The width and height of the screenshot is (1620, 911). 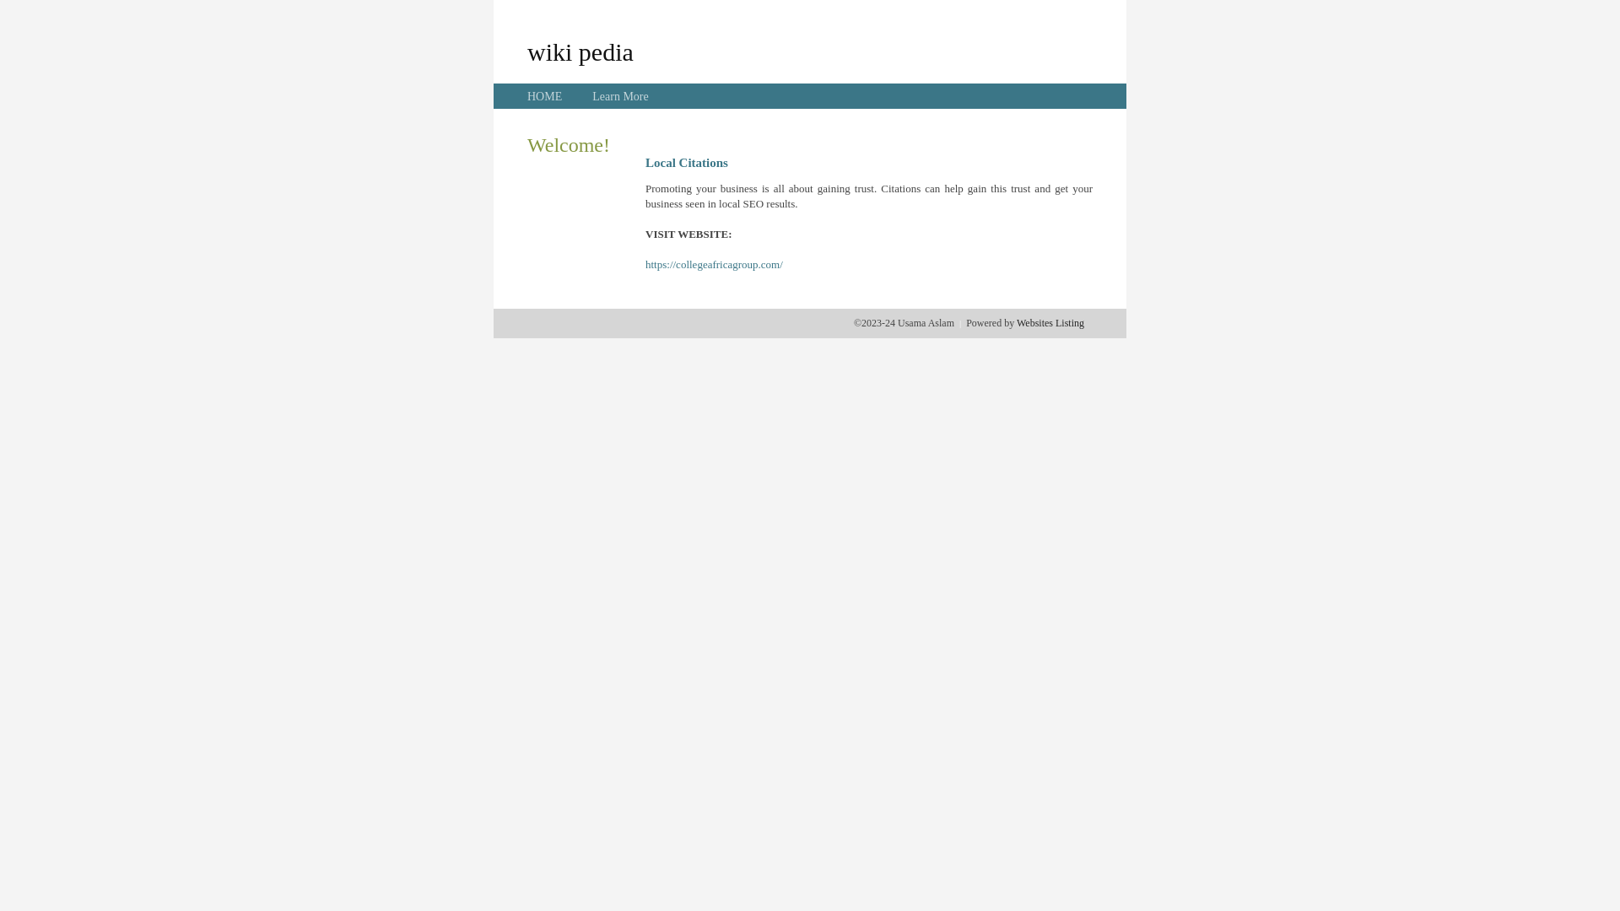 I want to click on 'wiki pedia', so click(x=580, y=51).